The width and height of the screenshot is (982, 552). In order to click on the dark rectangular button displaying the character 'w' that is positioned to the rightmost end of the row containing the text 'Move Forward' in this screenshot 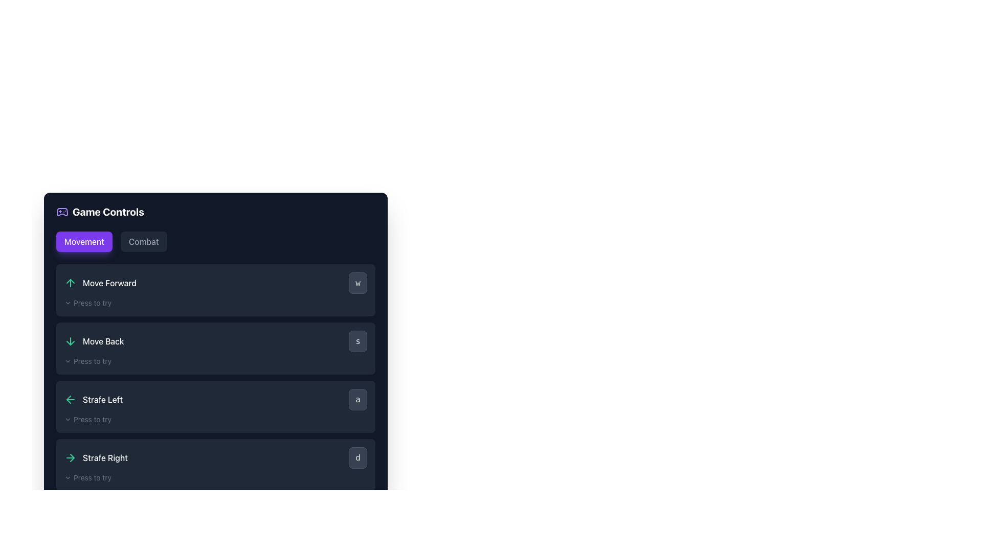, I will do `click(358, 283)`.